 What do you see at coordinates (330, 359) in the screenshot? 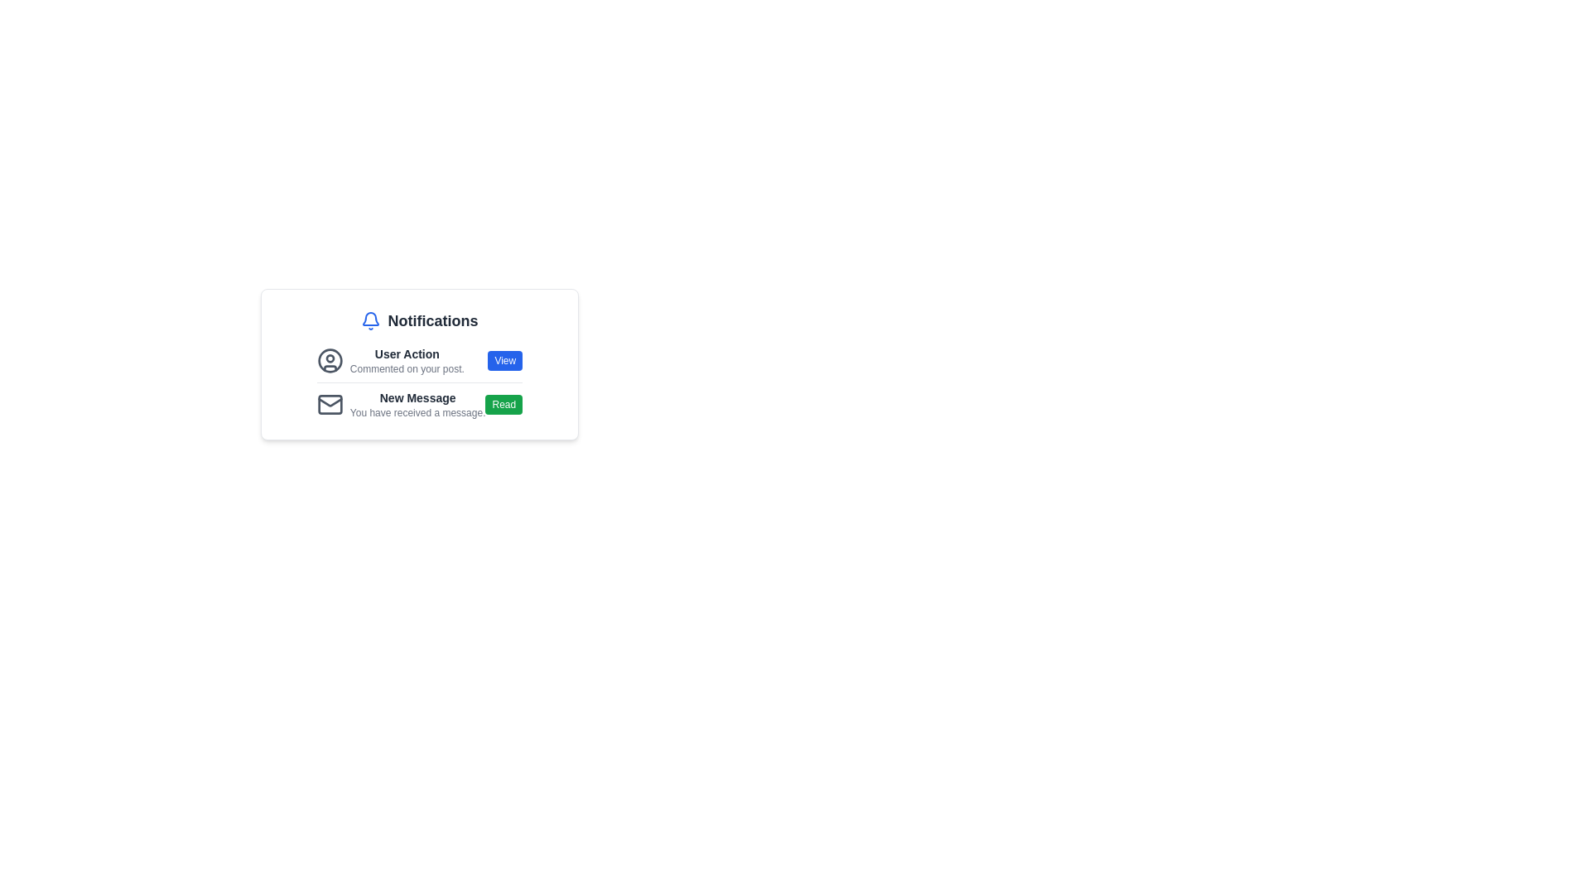
I see `the circular outline of the user icon in the first entry of the notification list, which visually represents the user` at bounding box center [330, 359].